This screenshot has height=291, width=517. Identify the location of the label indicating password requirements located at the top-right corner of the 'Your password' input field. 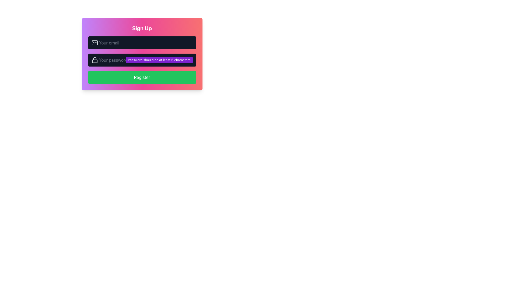
(159, 60).